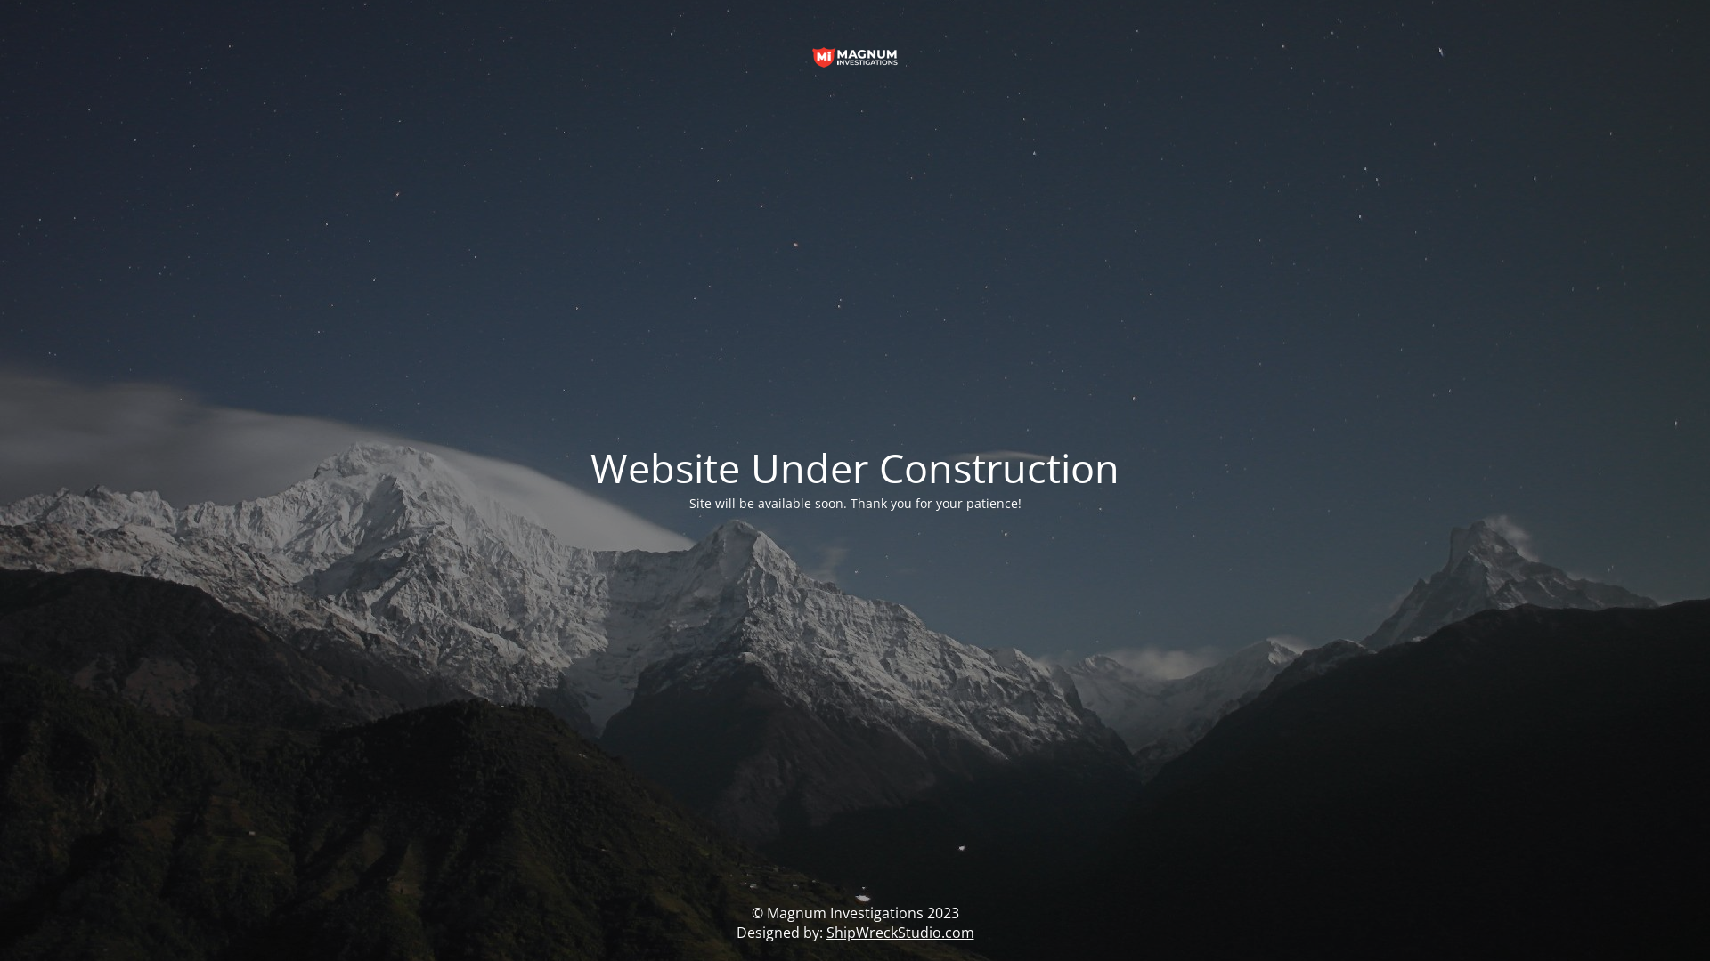 The width and height of the screenshot is (1710, 961). Describe the element at coordinates (900, 932) in the screenshot. I see `'ShipWreckStudio.com'` at that location.